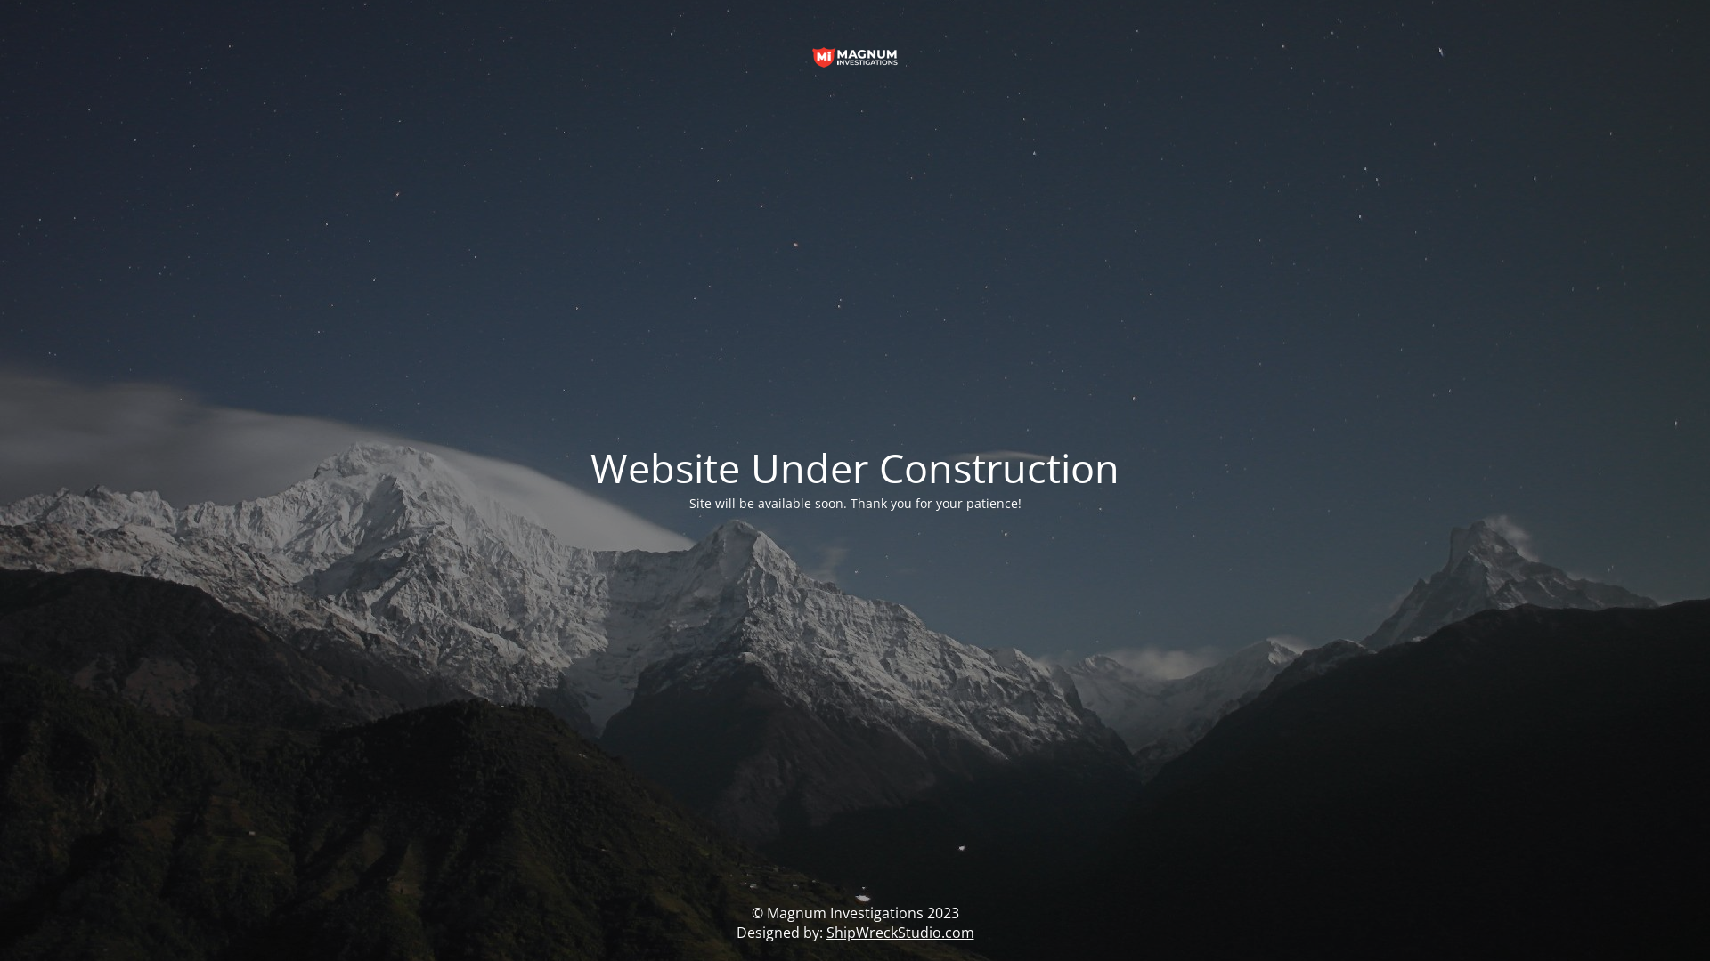 The width and height of the screenshot is (1710, 961). Describe the element at coordinates (900, 932) in the screenshot. I see `'ShipWreckStudio.com'` at that location.